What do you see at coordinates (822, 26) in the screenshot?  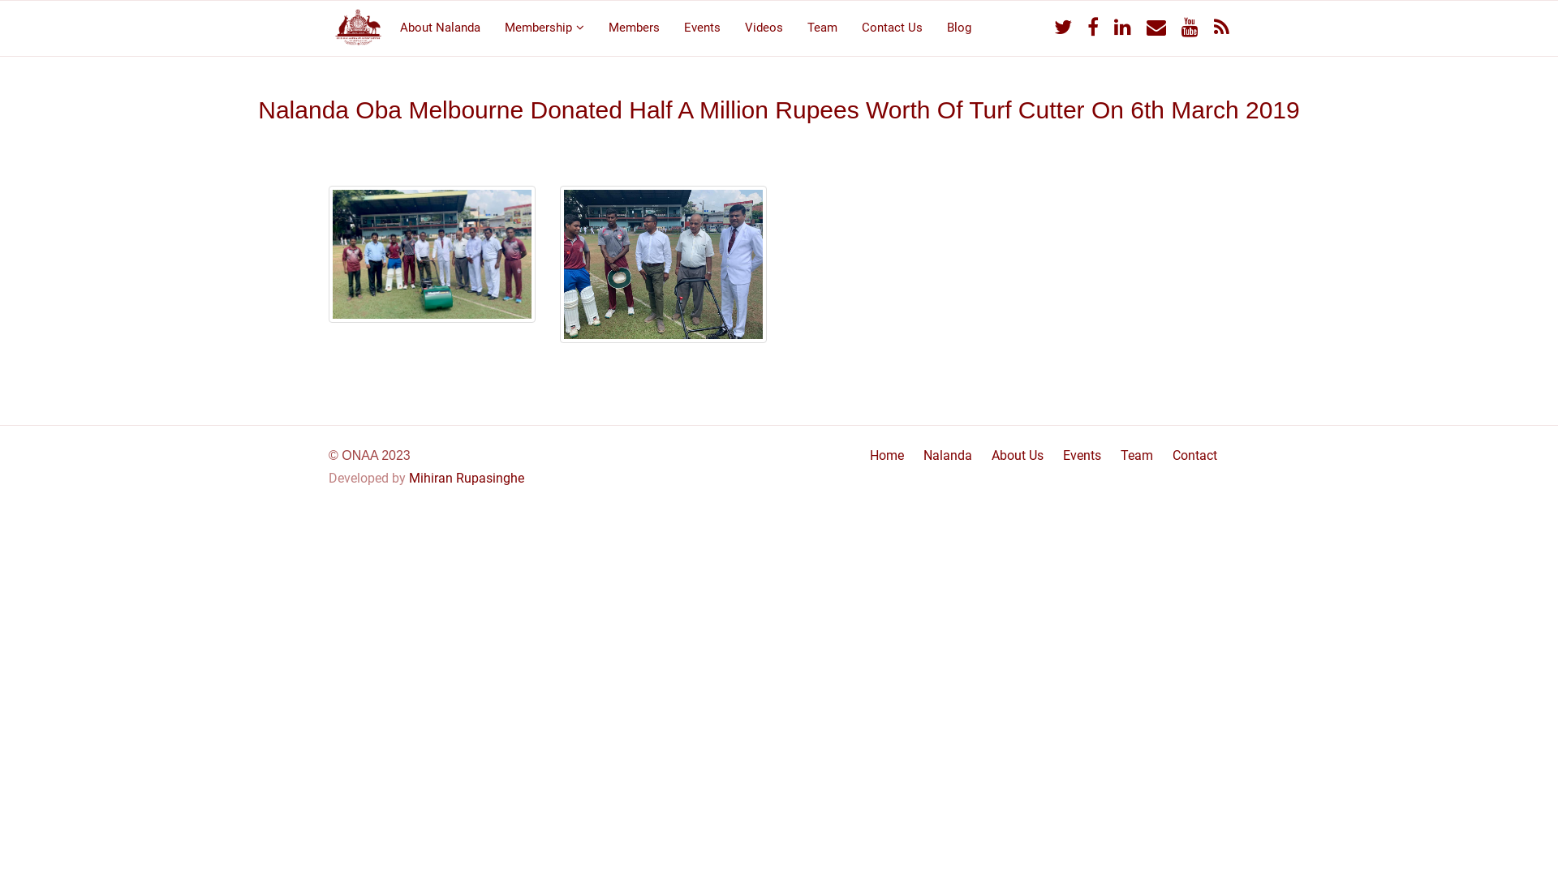 I see `'Team'` at bounding box center [822, 26].